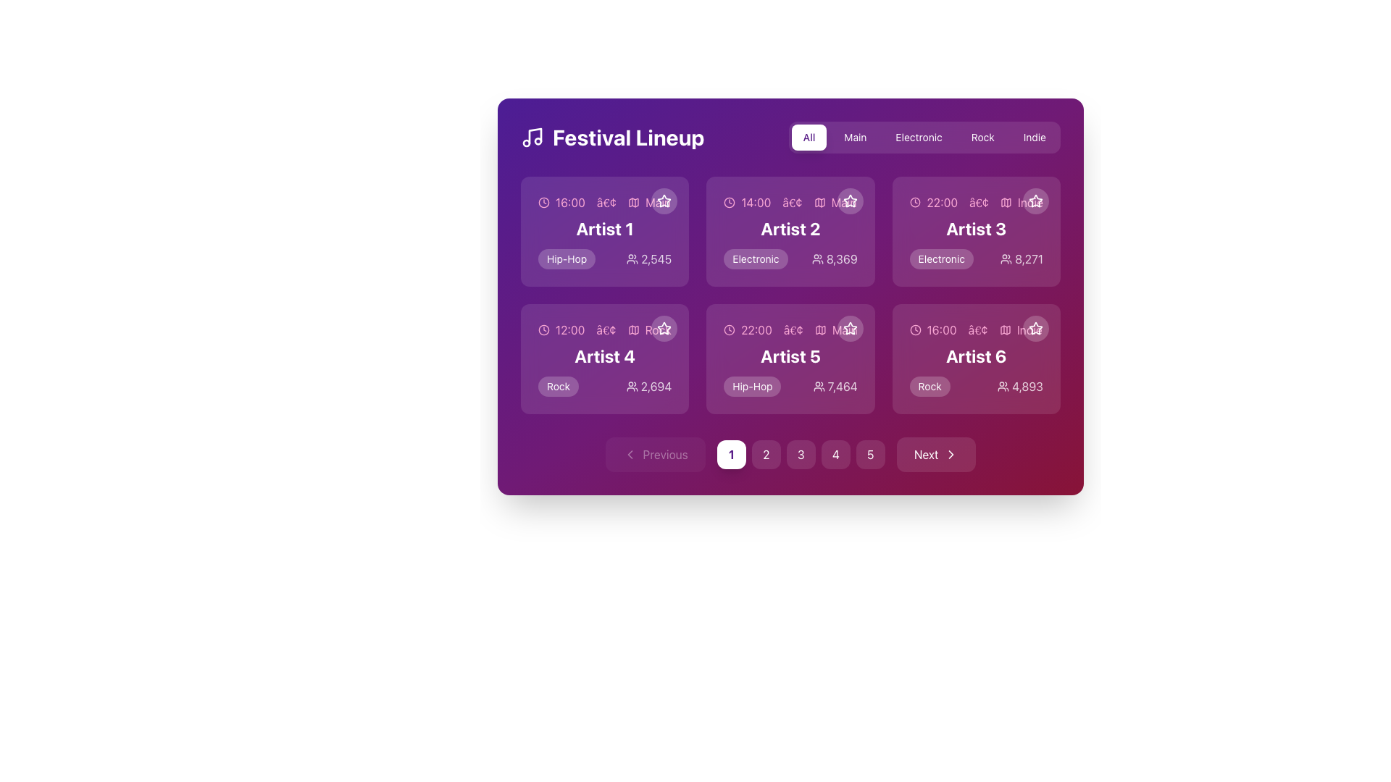  What do you see at coordinates (800, 454) in the screenshot?
I see `the circular button labeled '3' located at the center of the navigation bar at the bottom of the interface` at bounding box center [800, 454].